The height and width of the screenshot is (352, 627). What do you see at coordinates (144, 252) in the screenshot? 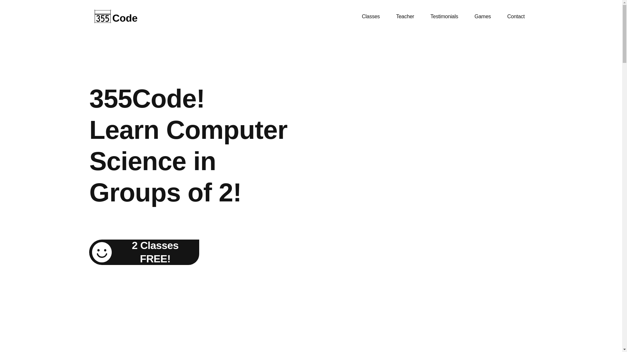
I see `'2 Classes FREE!'` at bounding box center [144, 252].